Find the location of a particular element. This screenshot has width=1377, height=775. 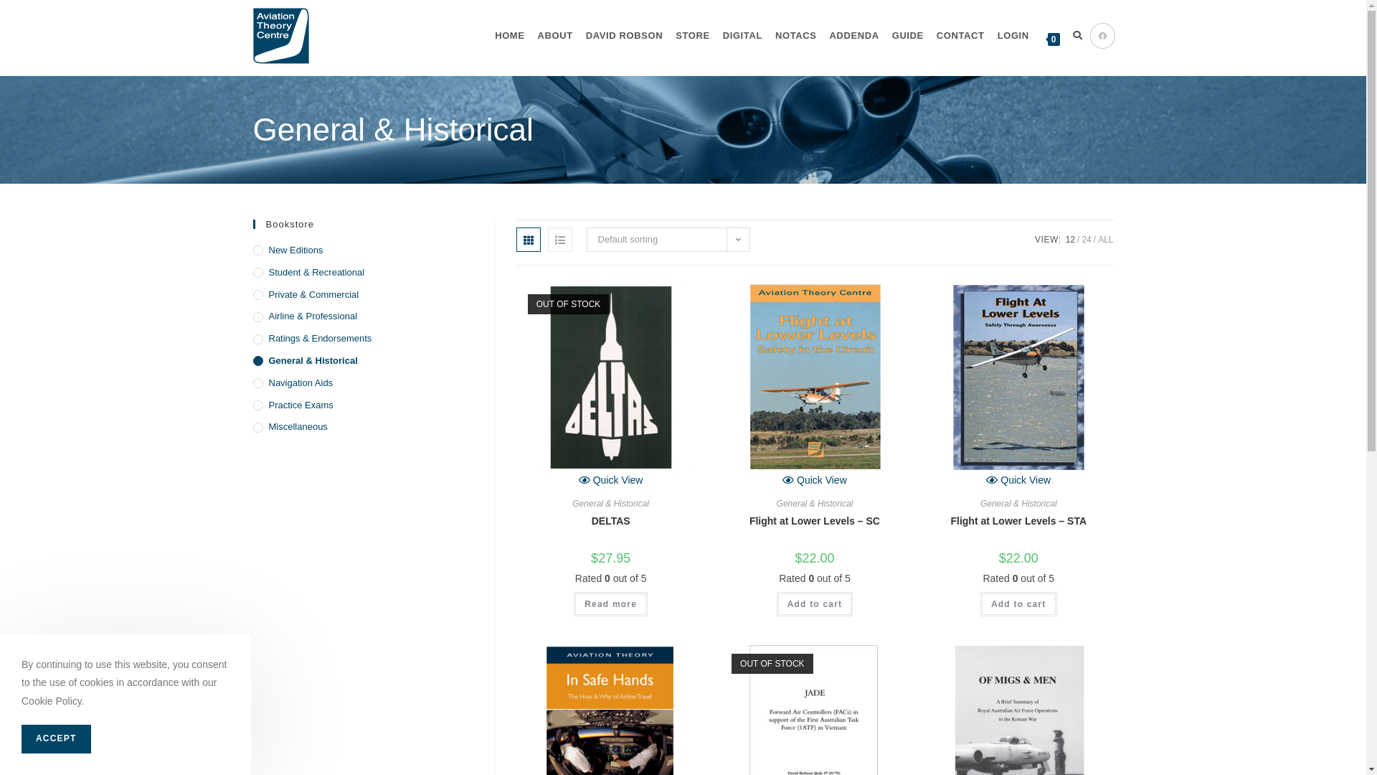

'LOGIN' is located at coordinates (990, 35).